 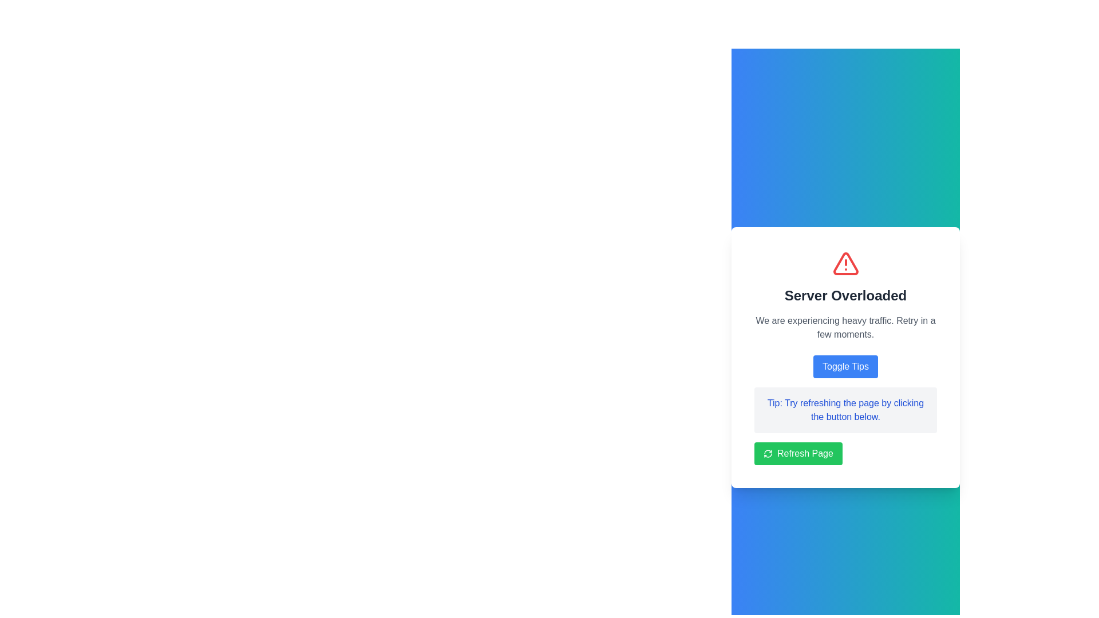 I want to click on the static text block displaying the message 'We are experiencing heavy traffic. Retry in a few moments.' which is styled with grey text and positioned centrally below the title 'Server Overloaded' and above the button labeled 'Toggle Tips', so click(x=845, y=328).